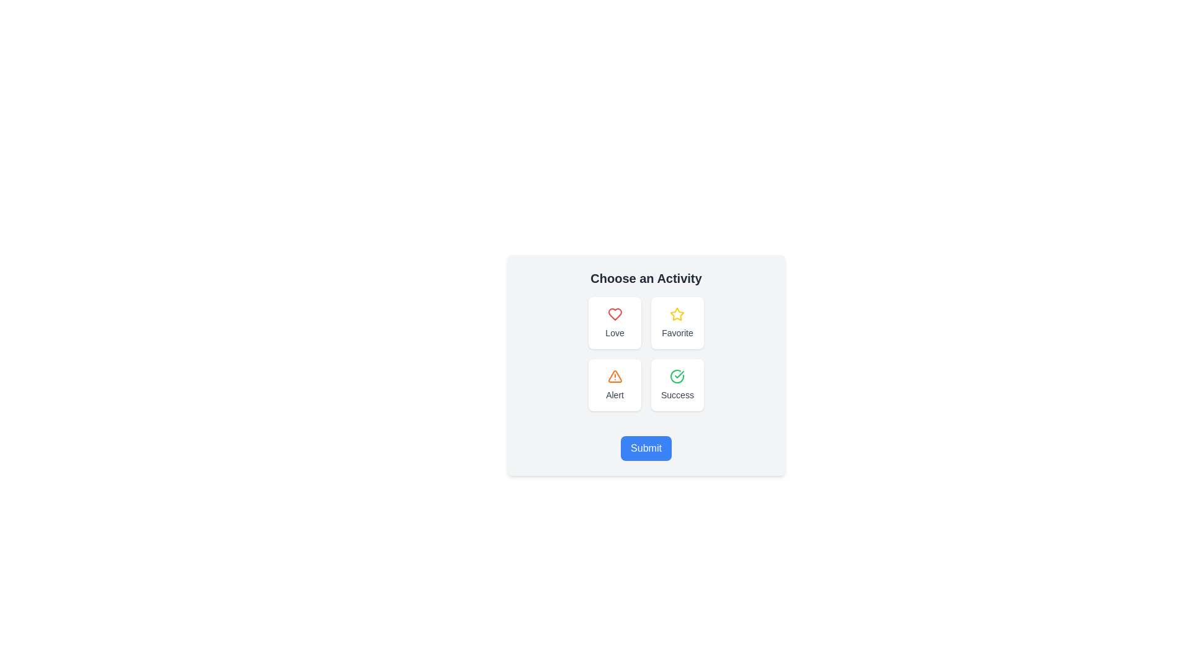  What do you see at coordinates (677, 322) in the screenshot?
I see `the 'Favorite' action card located in the top-right corner of the grid layout under 'Choose an Activity'` at bounding box center [677, 322].